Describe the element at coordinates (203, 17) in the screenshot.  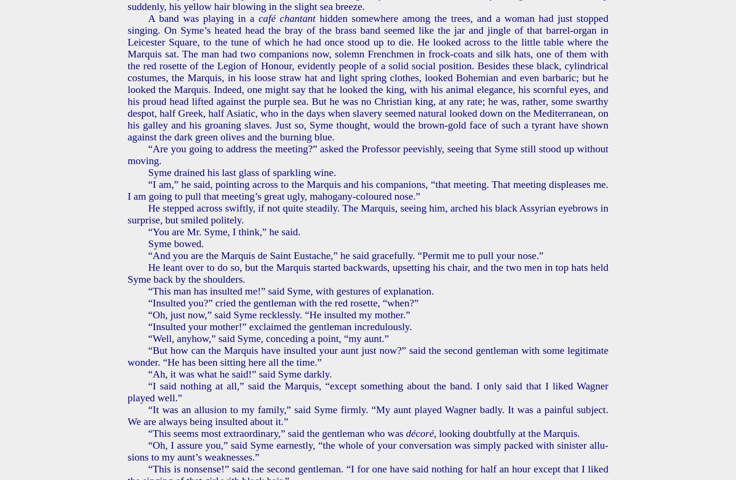
I see `'A band was play­ing in a'` at that location.